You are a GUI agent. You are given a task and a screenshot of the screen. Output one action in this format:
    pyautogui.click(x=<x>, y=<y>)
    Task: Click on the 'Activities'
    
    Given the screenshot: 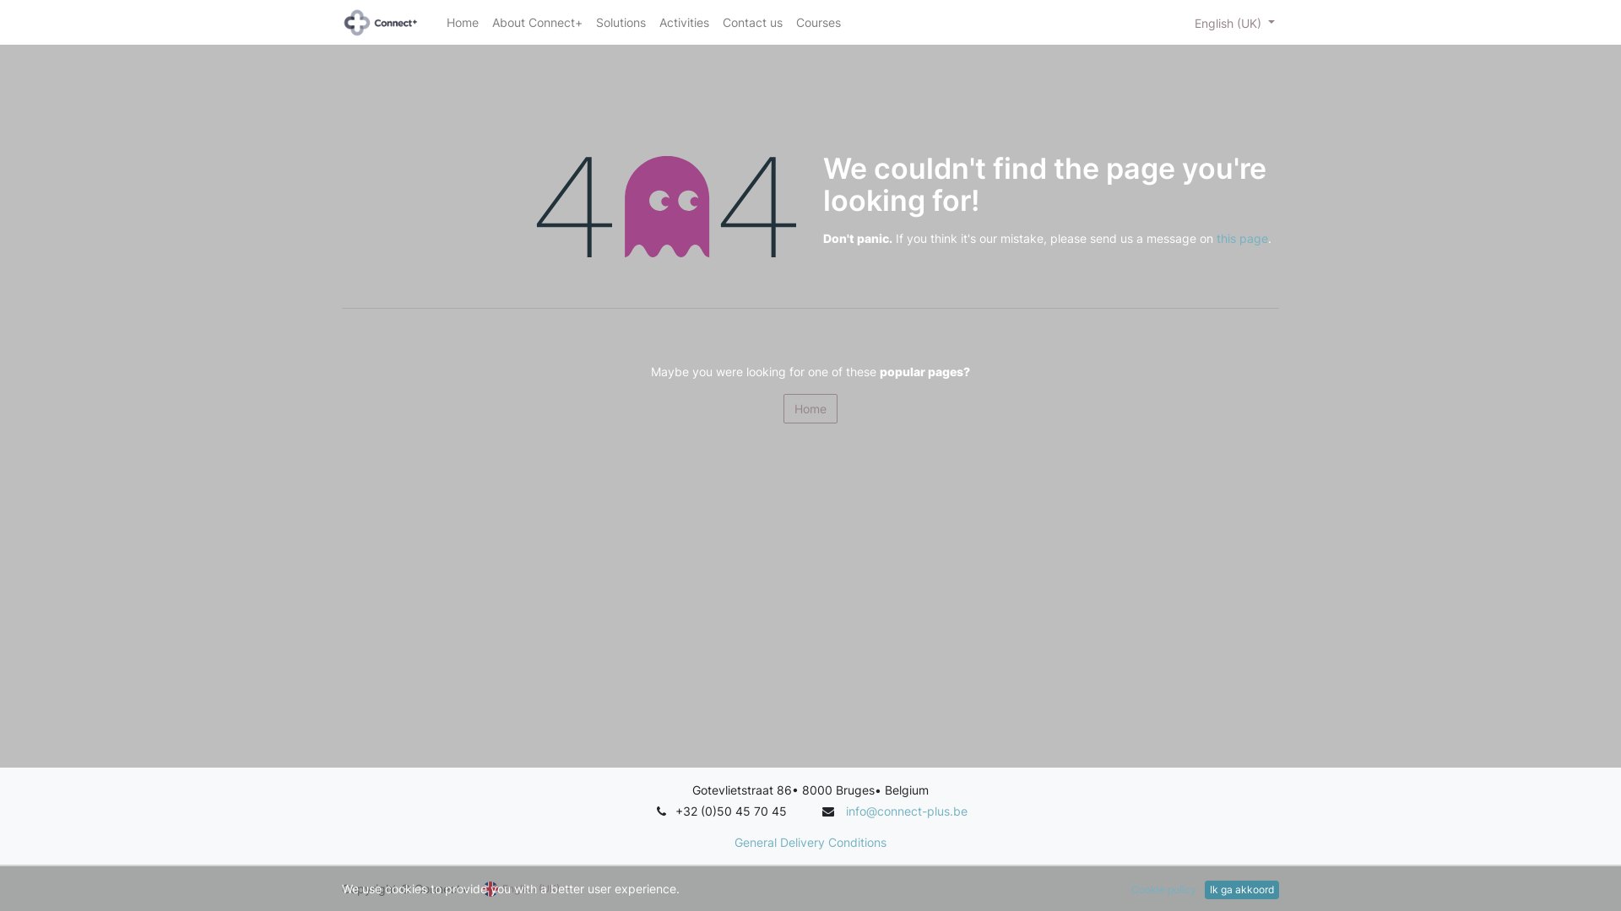 What is the action you would take?
    pyautogui.click(x=651, y=22)
    